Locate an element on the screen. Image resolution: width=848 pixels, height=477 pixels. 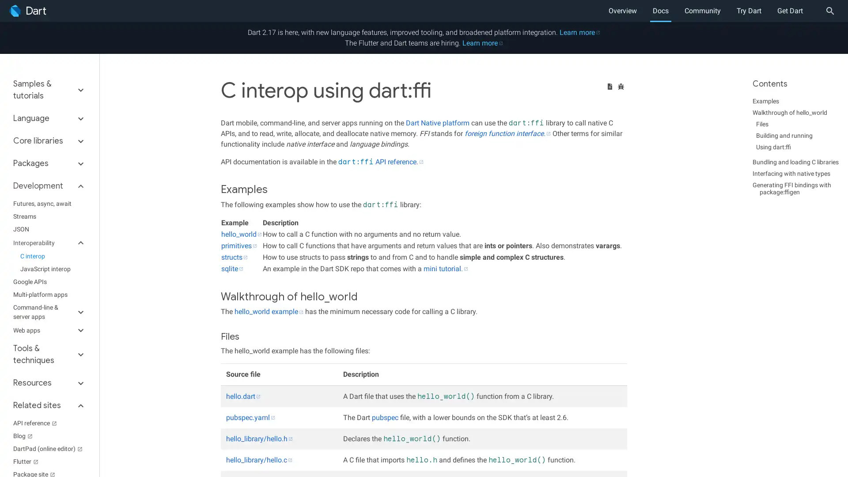
Related sites keyboard_arrow_down is located at coordinates (49, 405).